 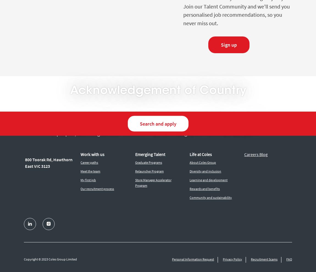 I want to click on 'Meet the team', so click(x=81, y=171).